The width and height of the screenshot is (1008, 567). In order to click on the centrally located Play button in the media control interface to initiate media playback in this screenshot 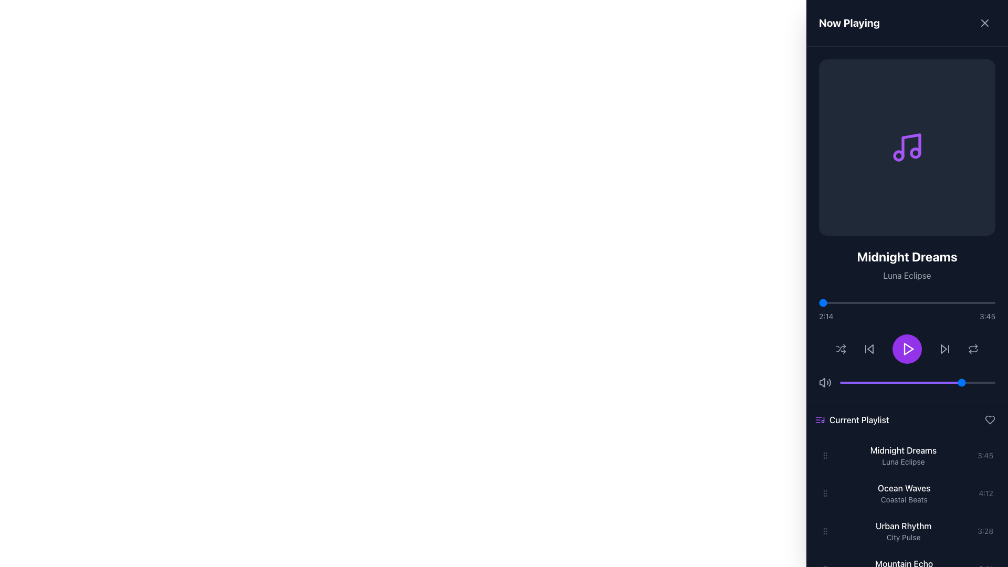, I will do `click(907, 349)`.